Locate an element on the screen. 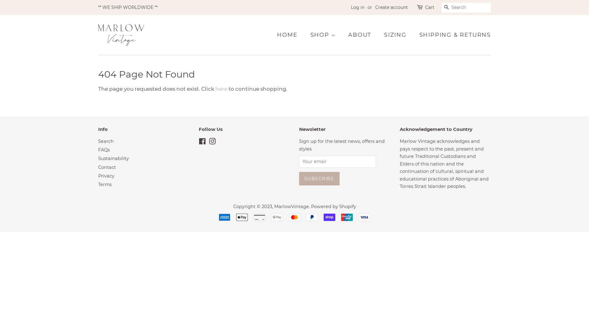 The width and height of the screenshot is (589, 331). 'MarlowVintage' is located at coordinates (291, 207).